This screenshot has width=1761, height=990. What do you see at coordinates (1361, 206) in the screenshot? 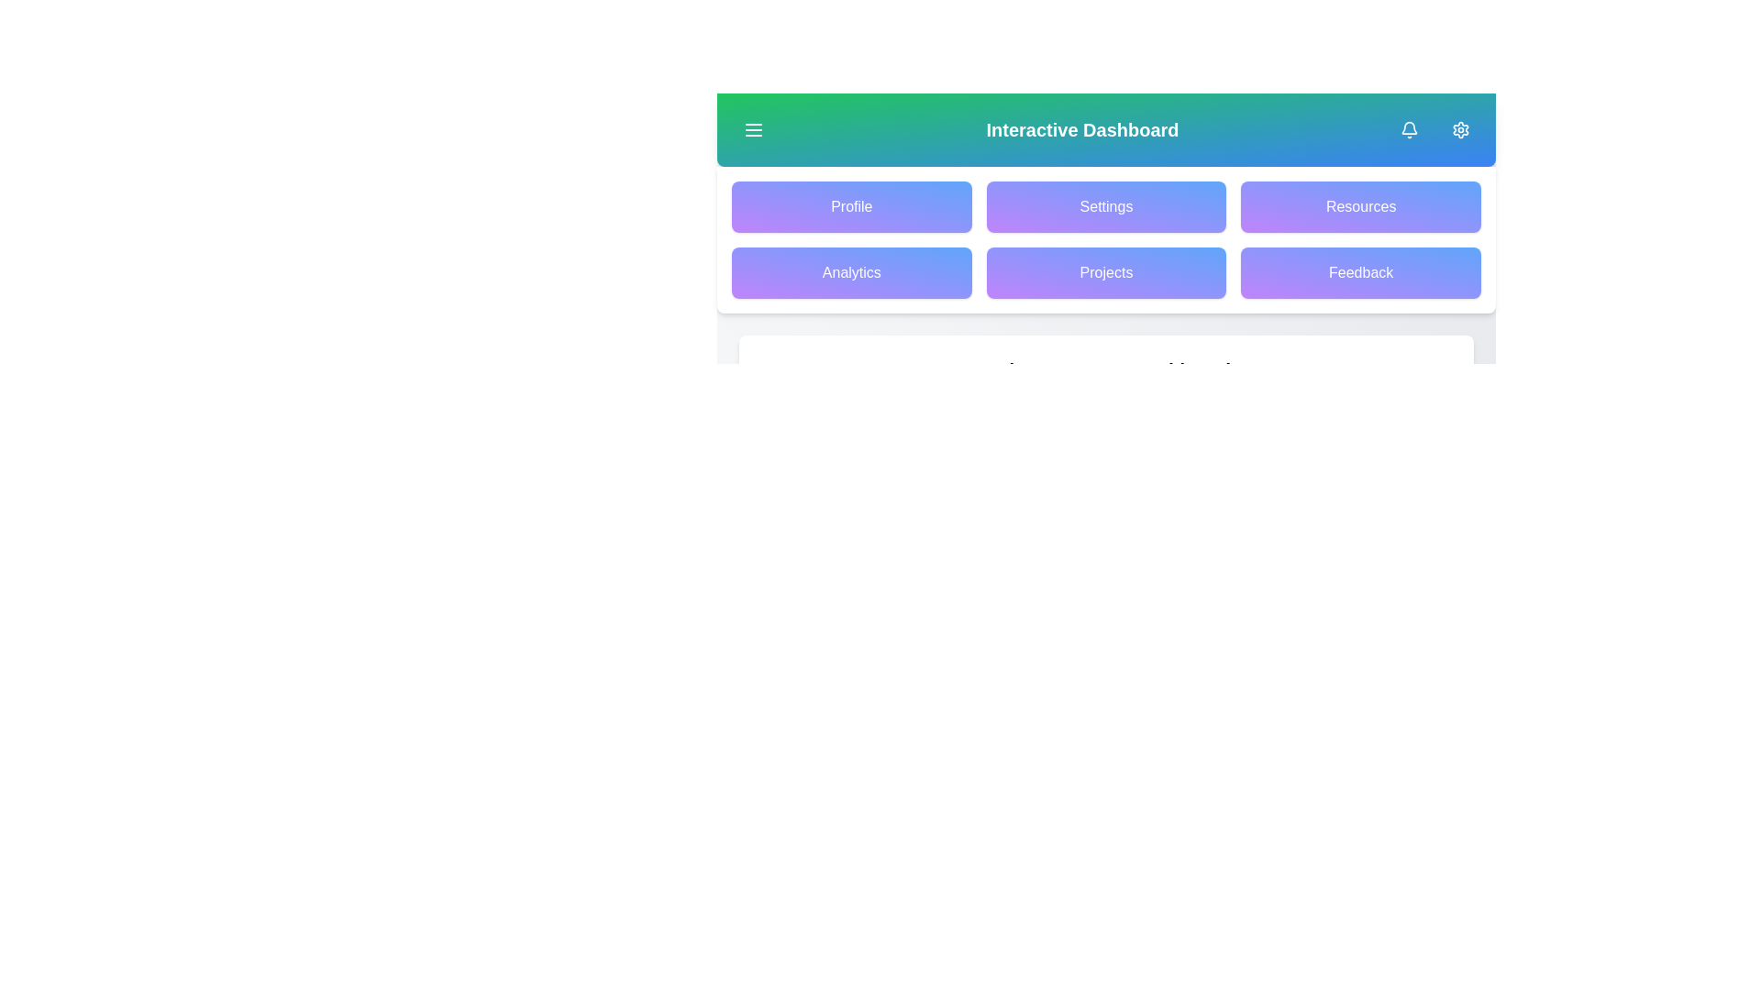
I see `the Resources button in the grid` at bounding box center [1361, 206].